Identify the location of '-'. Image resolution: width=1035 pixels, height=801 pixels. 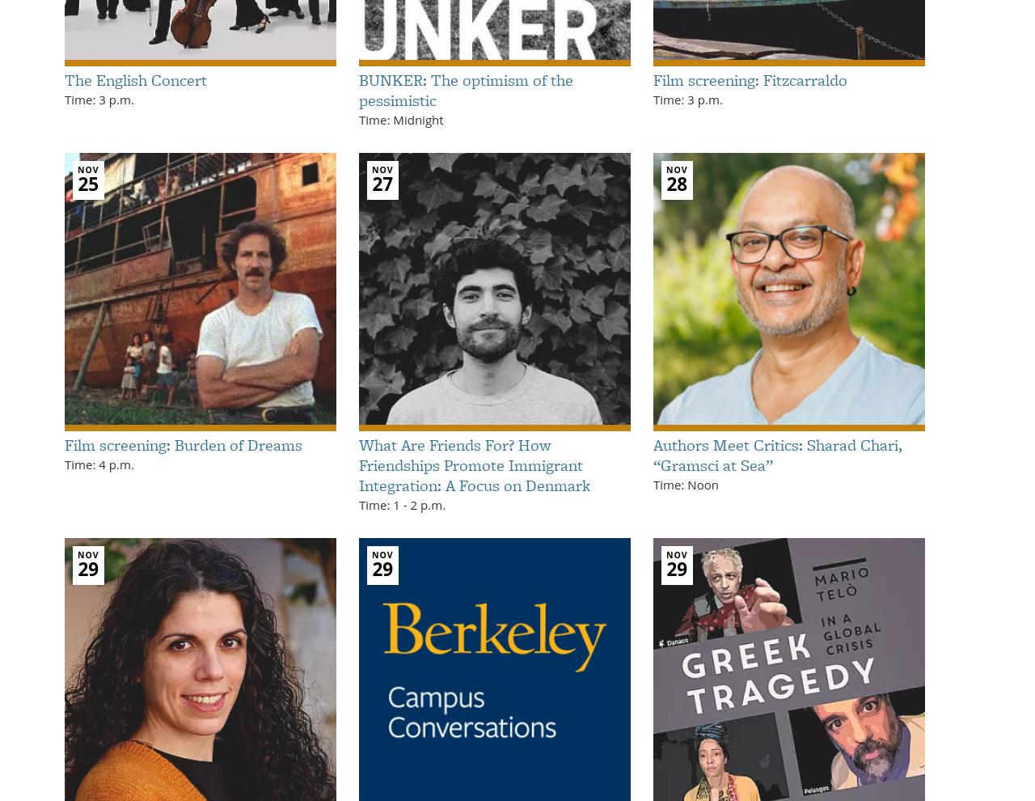
(404, 503).